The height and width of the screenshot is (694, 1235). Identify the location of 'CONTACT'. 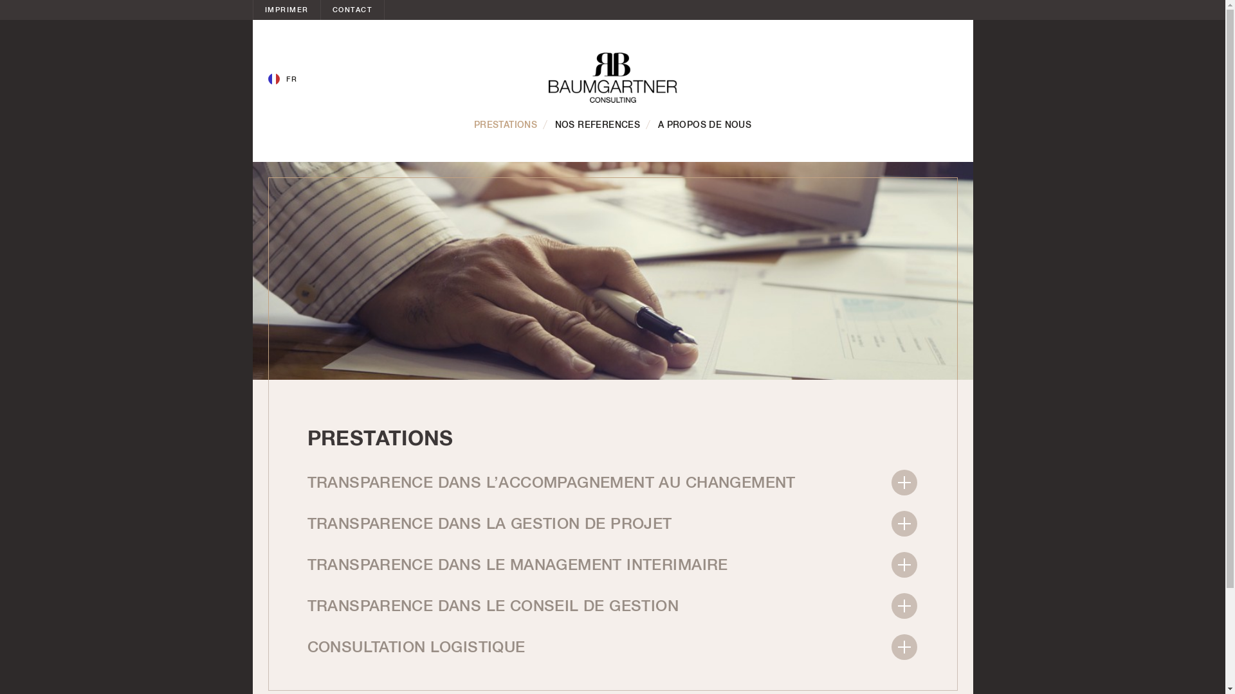
(352, 10).